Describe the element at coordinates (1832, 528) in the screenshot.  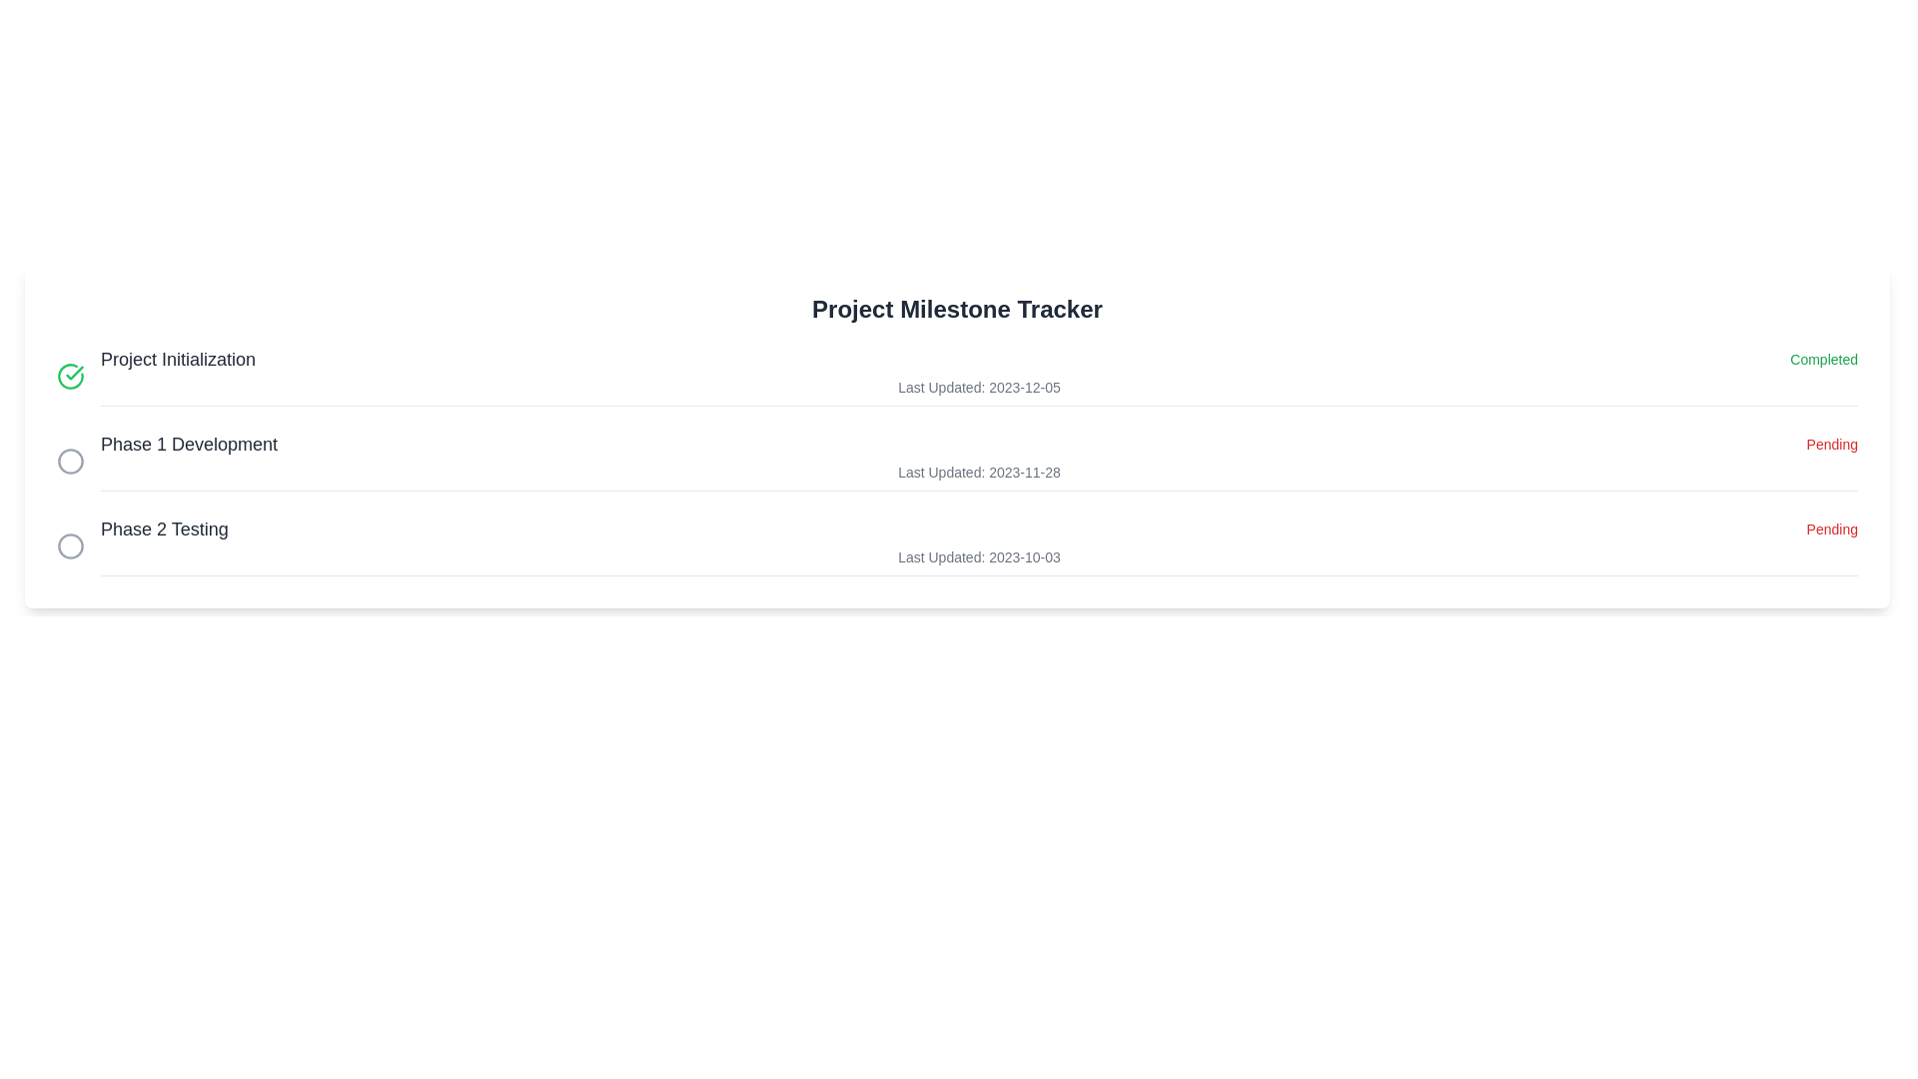
I see `the text label indicating the status of 'Phase 2 Testing' which shows 'Pending'` at that location.